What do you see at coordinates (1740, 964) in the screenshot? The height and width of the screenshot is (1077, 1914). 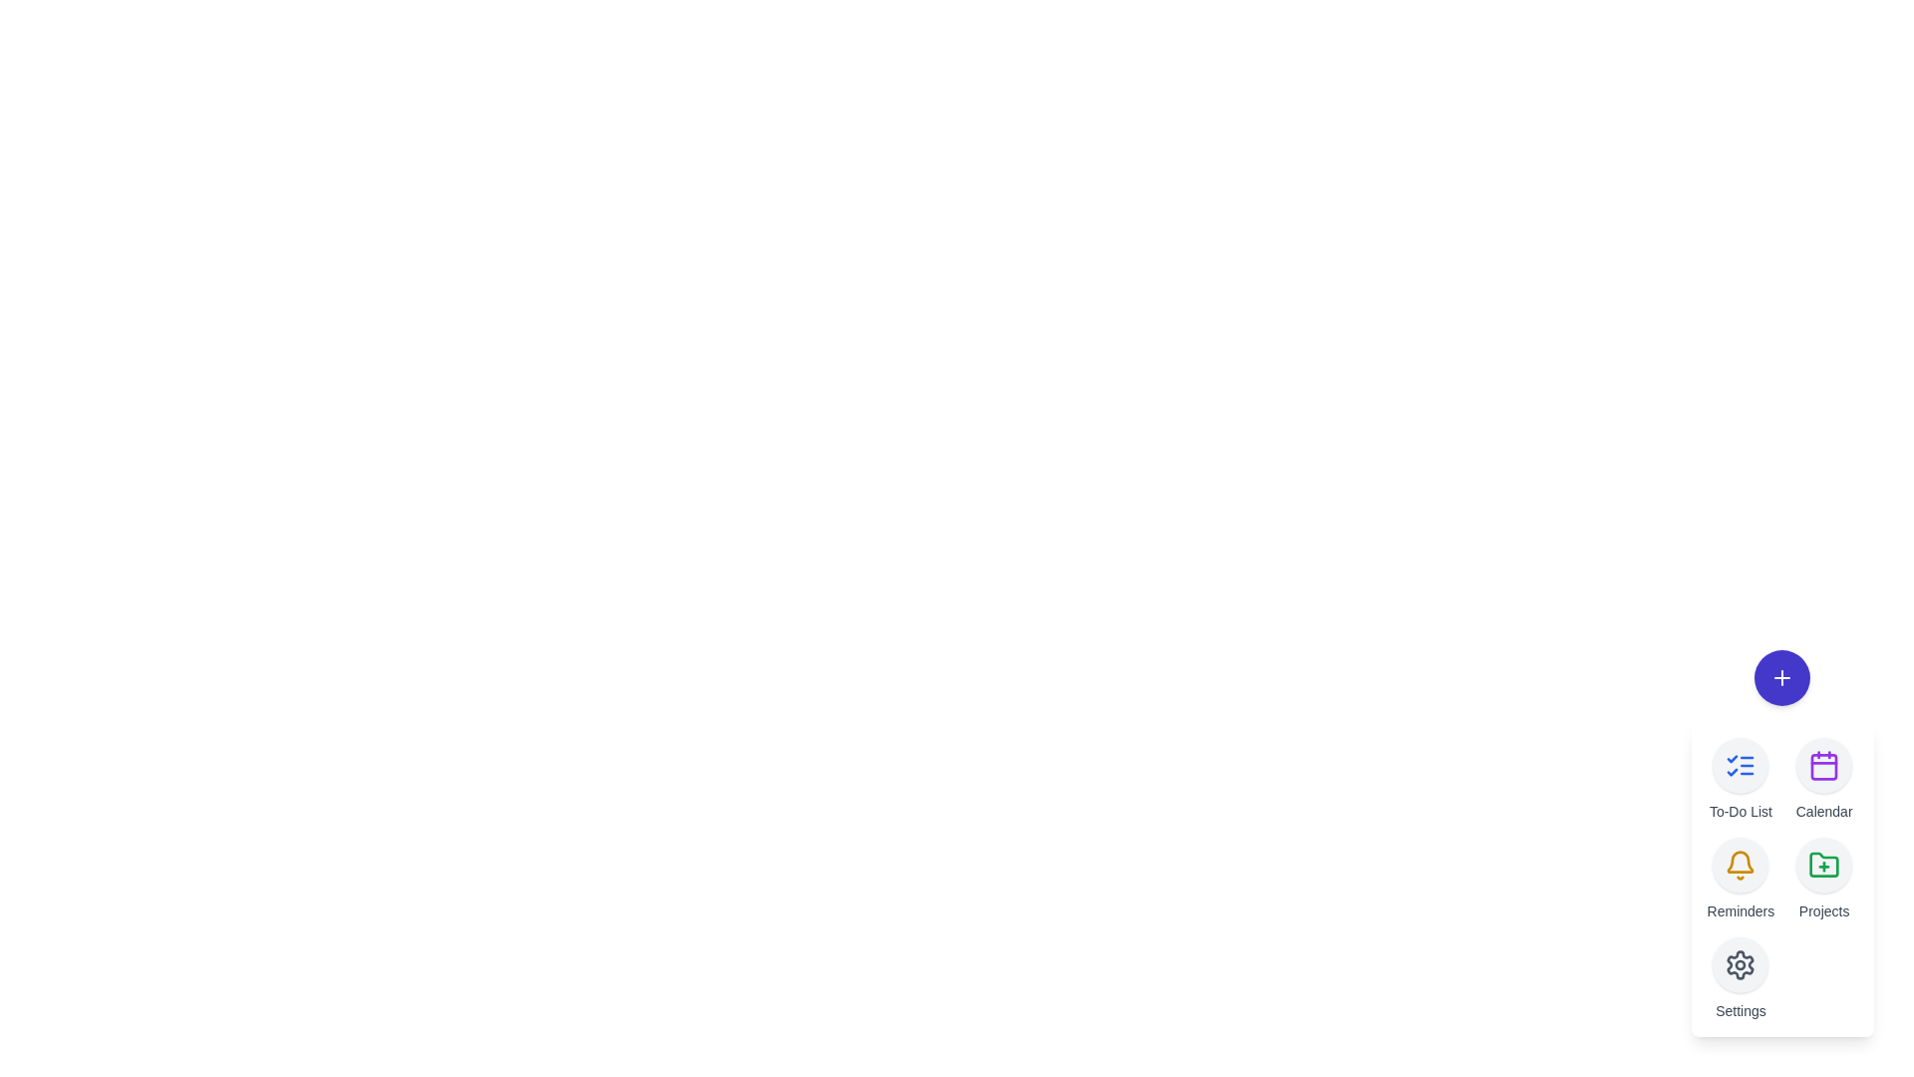 I see `the 'Settings' button in the TaskSpeedDial component` at bounding box center [1740, 964].